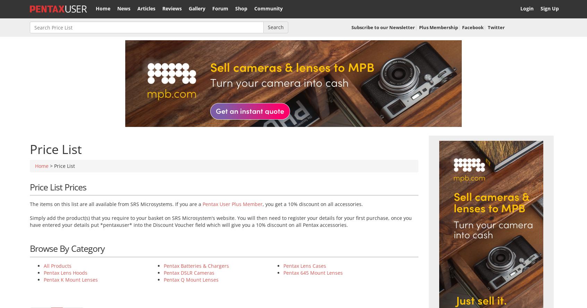 This screenshot has height=308, width=587. What do you see at coordinates (146, 8) in the screenshot?
I see `'Articles'` at bounding box center [146, 8].